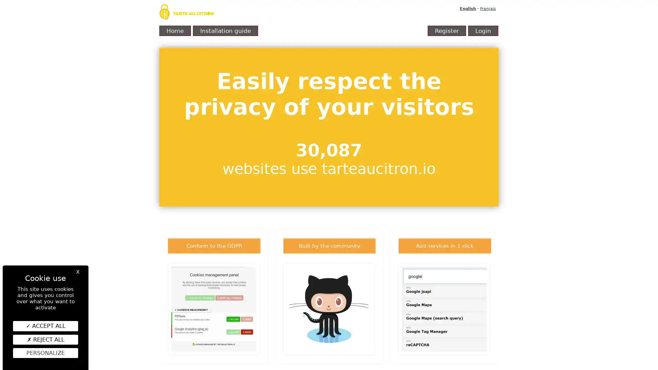 The height and width of the screenshot is (370, 658). Describe the element at coordinates (45, 339) in the screenshot. I see `REJECT ALL` at that location.